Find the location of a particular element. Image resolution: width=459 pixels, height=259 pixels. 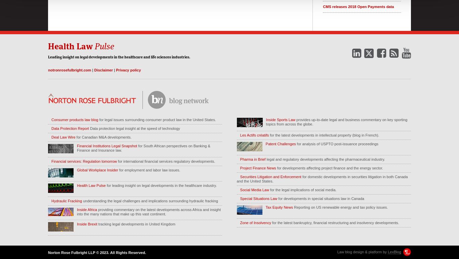

'provides up-to-date legal and business commentary on key sporting topics from across the globe.' is located at coordinates (336, 121).